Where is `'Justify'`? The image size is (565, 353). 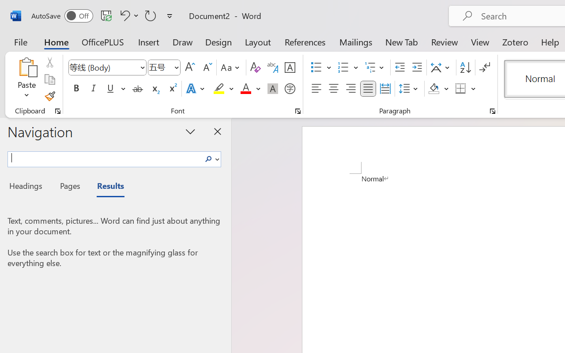 'Justify' is located at coordinates (368, 89).